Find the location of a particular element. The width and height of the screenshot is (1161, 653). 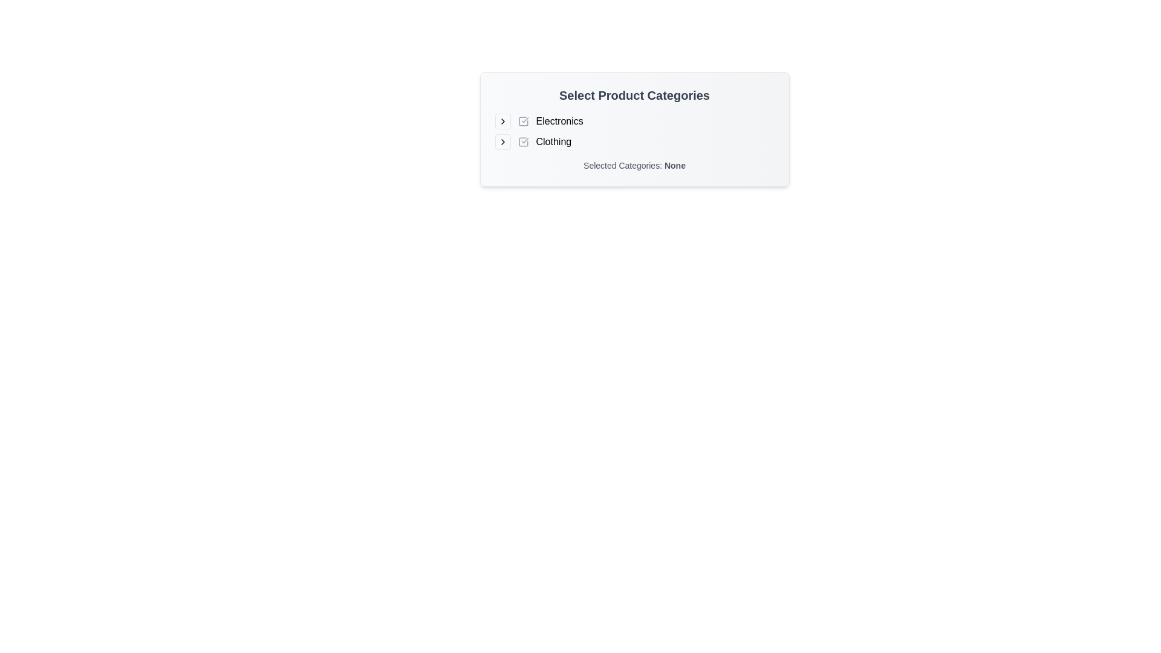

the hollow square-shaped checkbox icon in the user interface next to the label 'Clothing' is located at coordinates (523, 141).